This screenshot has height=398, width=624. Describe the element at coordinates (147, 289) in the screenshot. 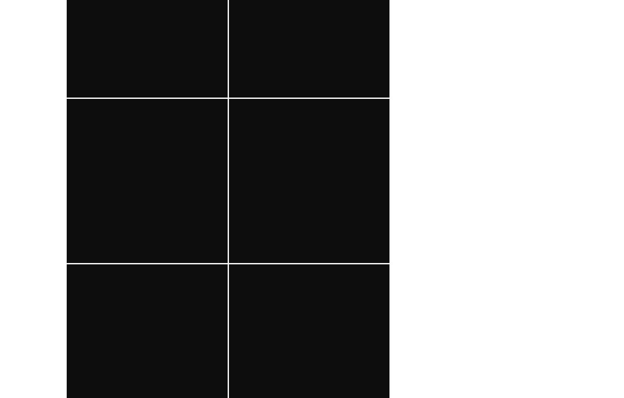

I see `'Shoreworld: Yawn Mower—Why Work Harder Than You Have To'` at that location.